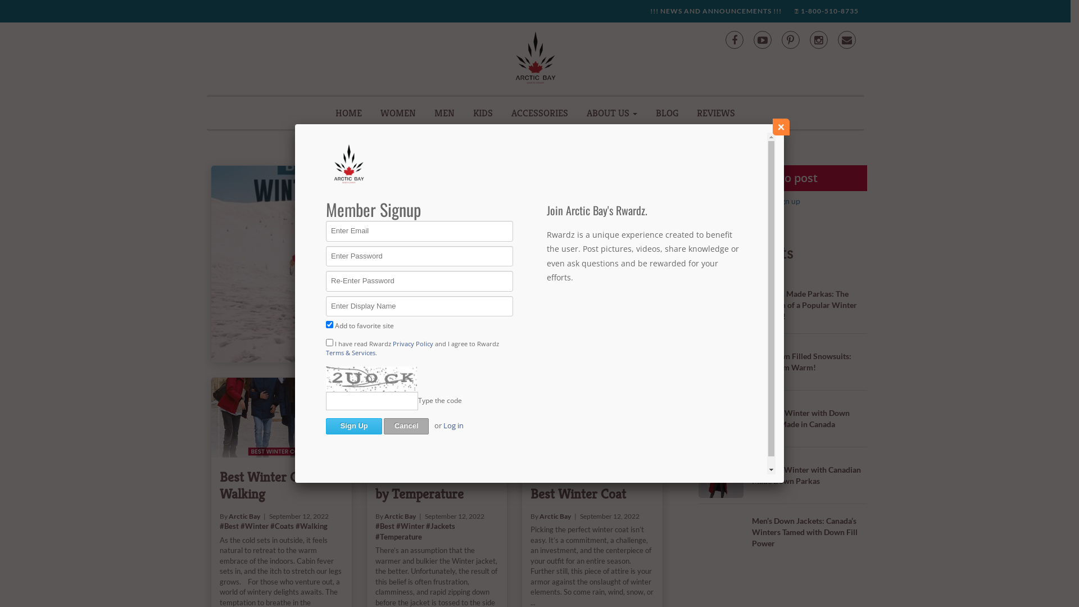 The width and height of the screenshot is (1079, 607). Describe the element at coordinates (501, 207) in the screenshot. I see `'Arctic Bay'` at that location.